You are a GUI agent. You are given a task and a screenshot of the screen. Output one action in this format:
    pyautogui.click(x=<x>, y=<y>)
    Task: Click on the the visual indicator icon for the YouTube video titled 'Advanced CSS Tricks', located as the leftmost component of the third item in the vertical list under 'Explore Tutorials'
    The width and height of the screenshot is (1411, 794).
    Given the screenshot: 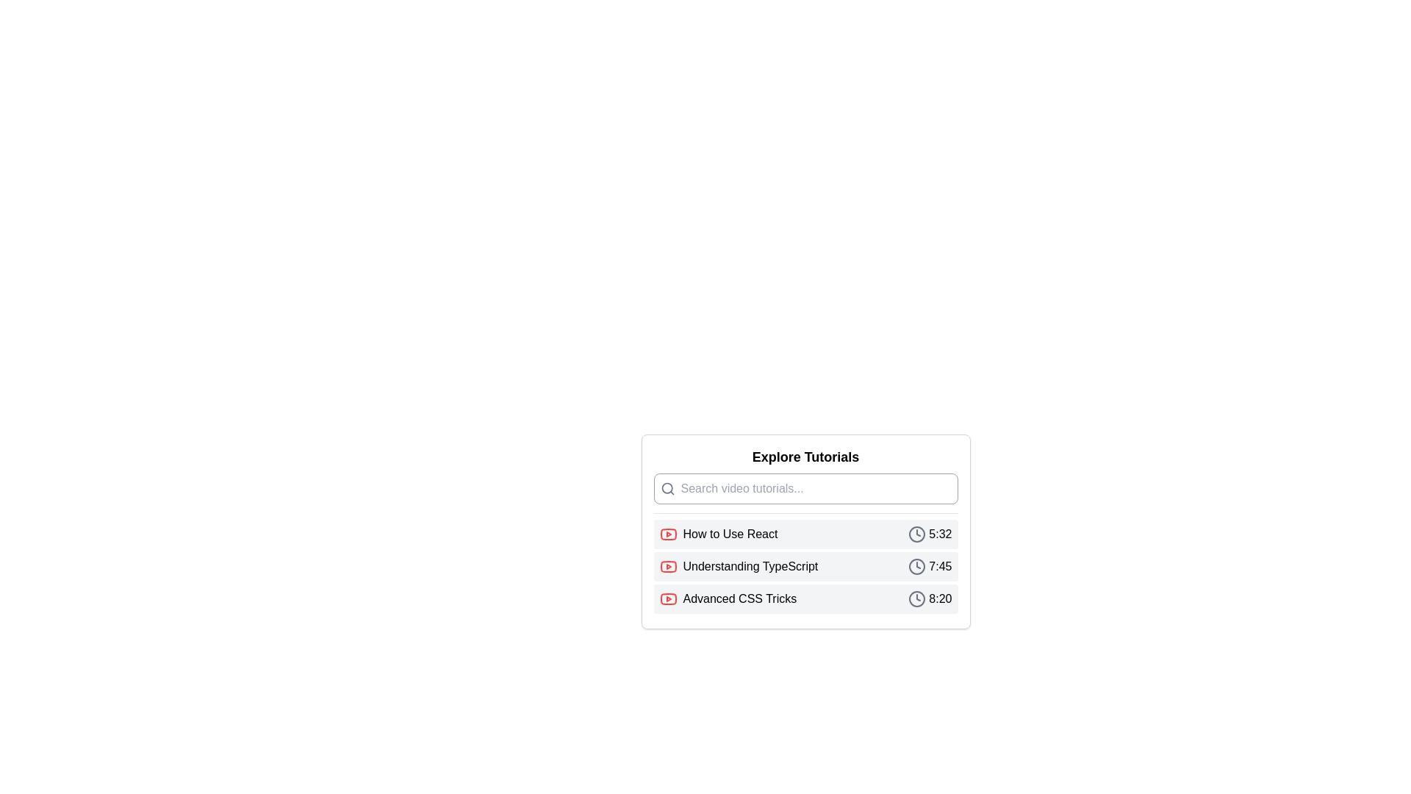 What is the action you would take?
    pyautogui.click(x=667, y=598)
    